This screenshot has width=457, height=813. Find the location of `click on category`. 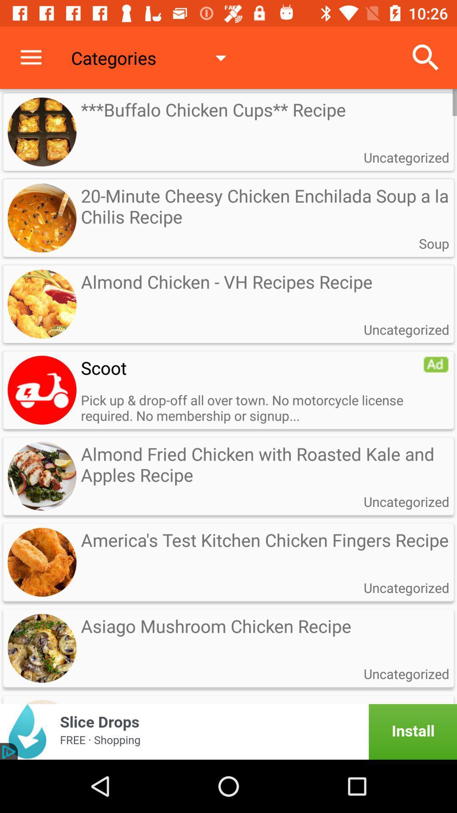

click on category is located at coordinates (42, 390).